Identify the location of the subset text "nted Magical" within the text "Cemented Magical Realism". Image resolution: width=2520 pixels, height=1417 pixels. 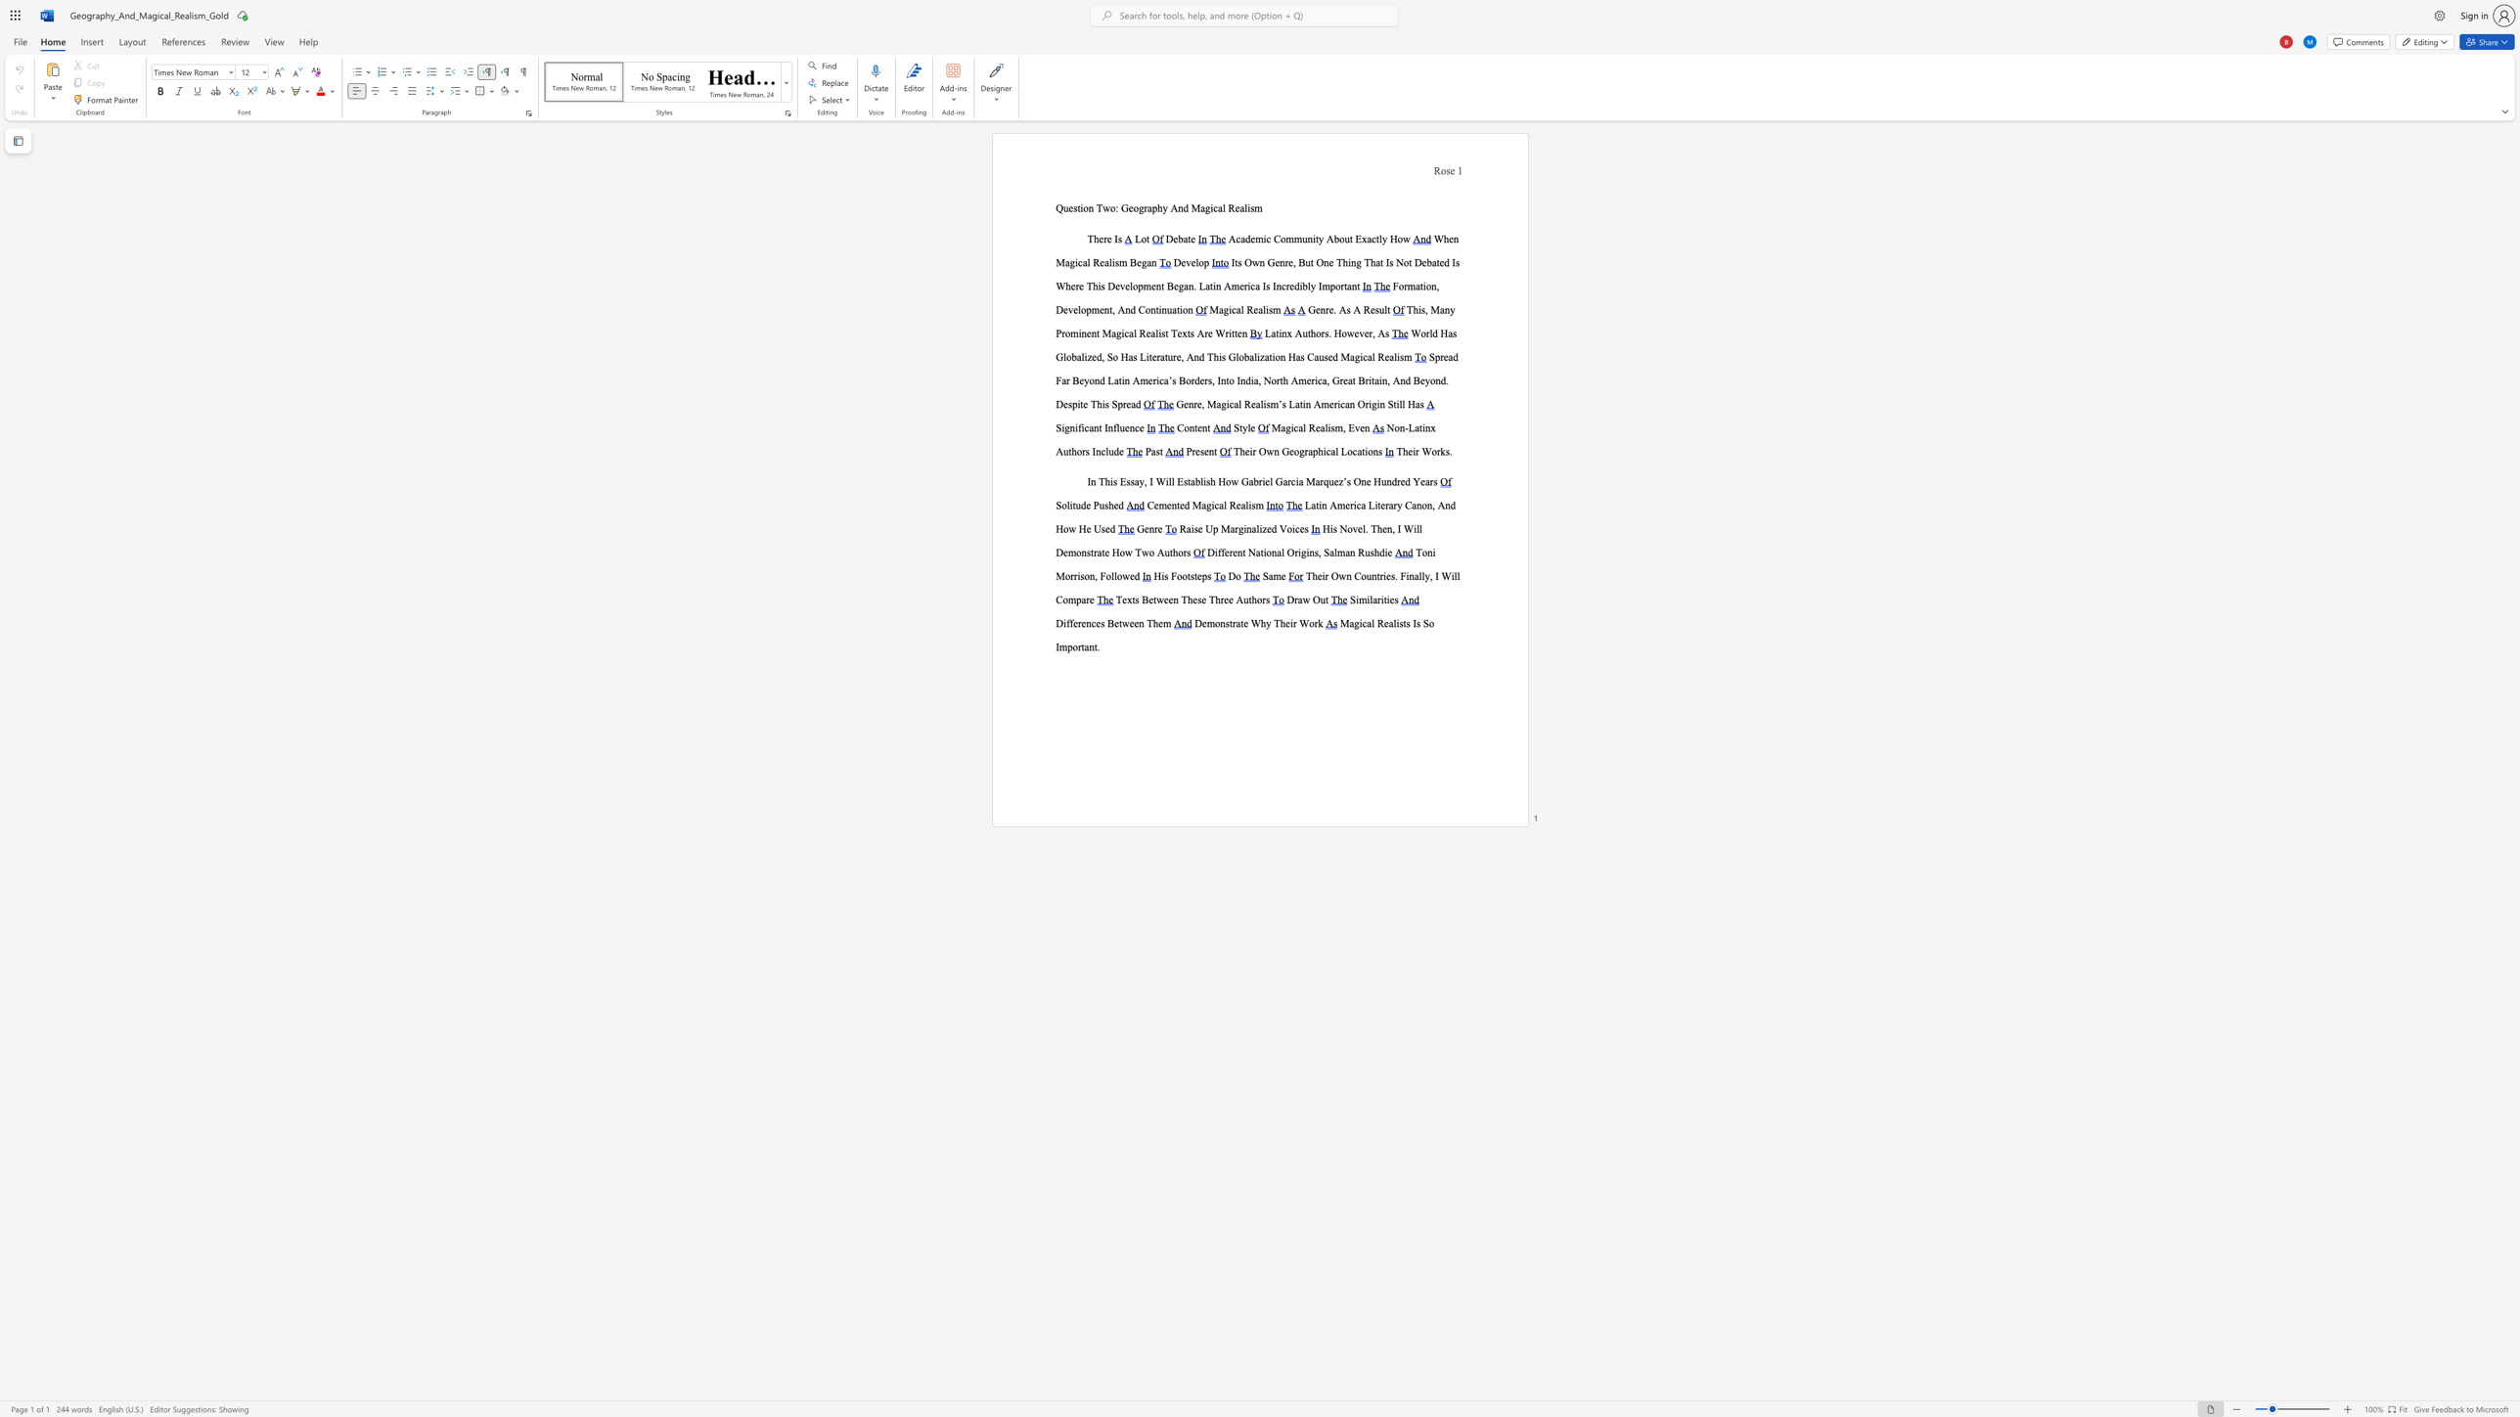
(1171, 505).